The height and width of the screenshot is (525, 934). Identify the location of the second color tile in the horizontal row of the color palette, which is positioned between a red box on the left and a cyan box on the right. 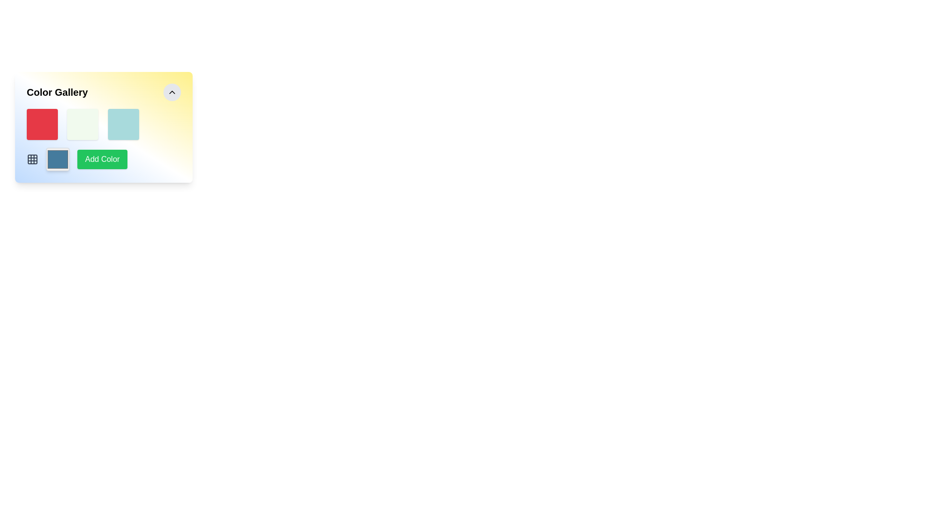
(83, 123).